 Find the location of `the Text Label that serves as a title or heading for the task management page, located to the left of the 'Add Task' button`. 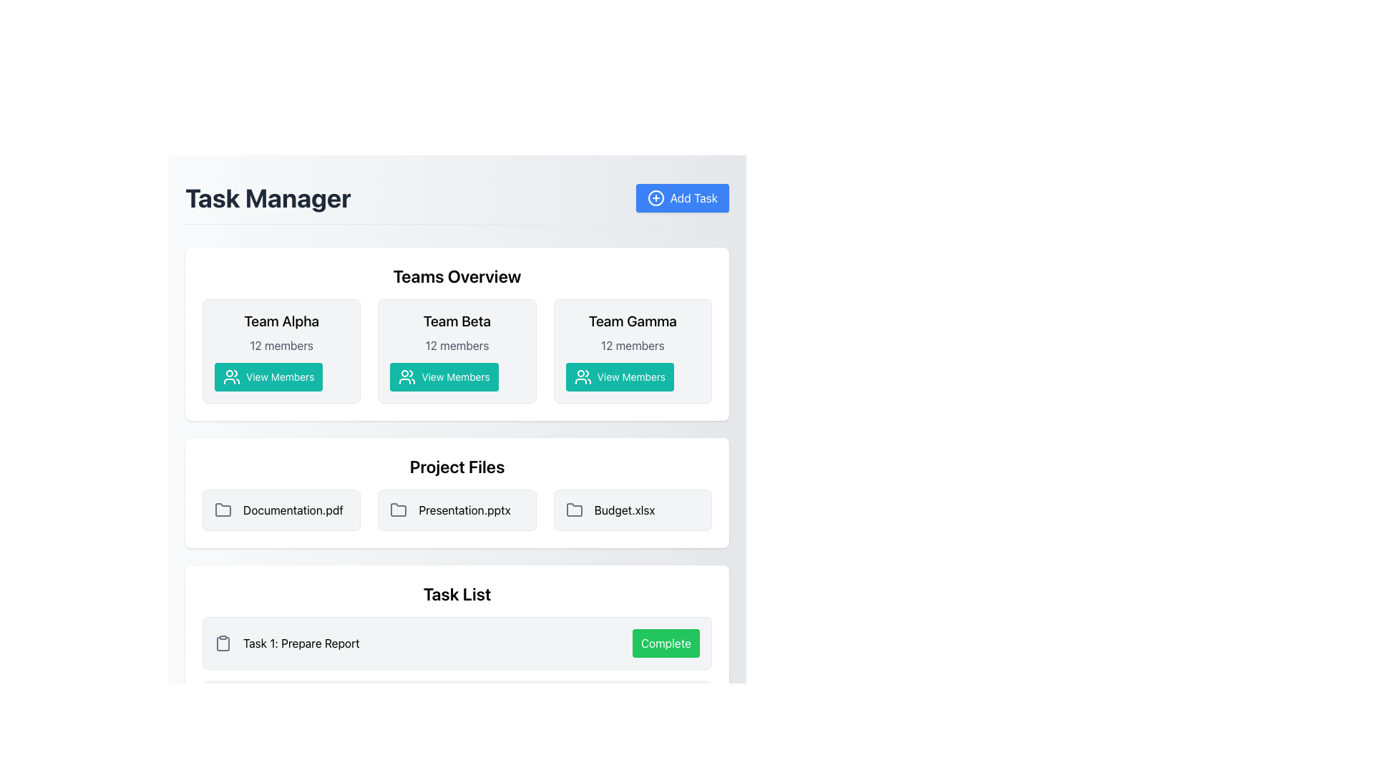

the Text Label that serves as a title or heading for the task management page, located to the left of the 'Add Task' button is located at coordinates (268, 198).